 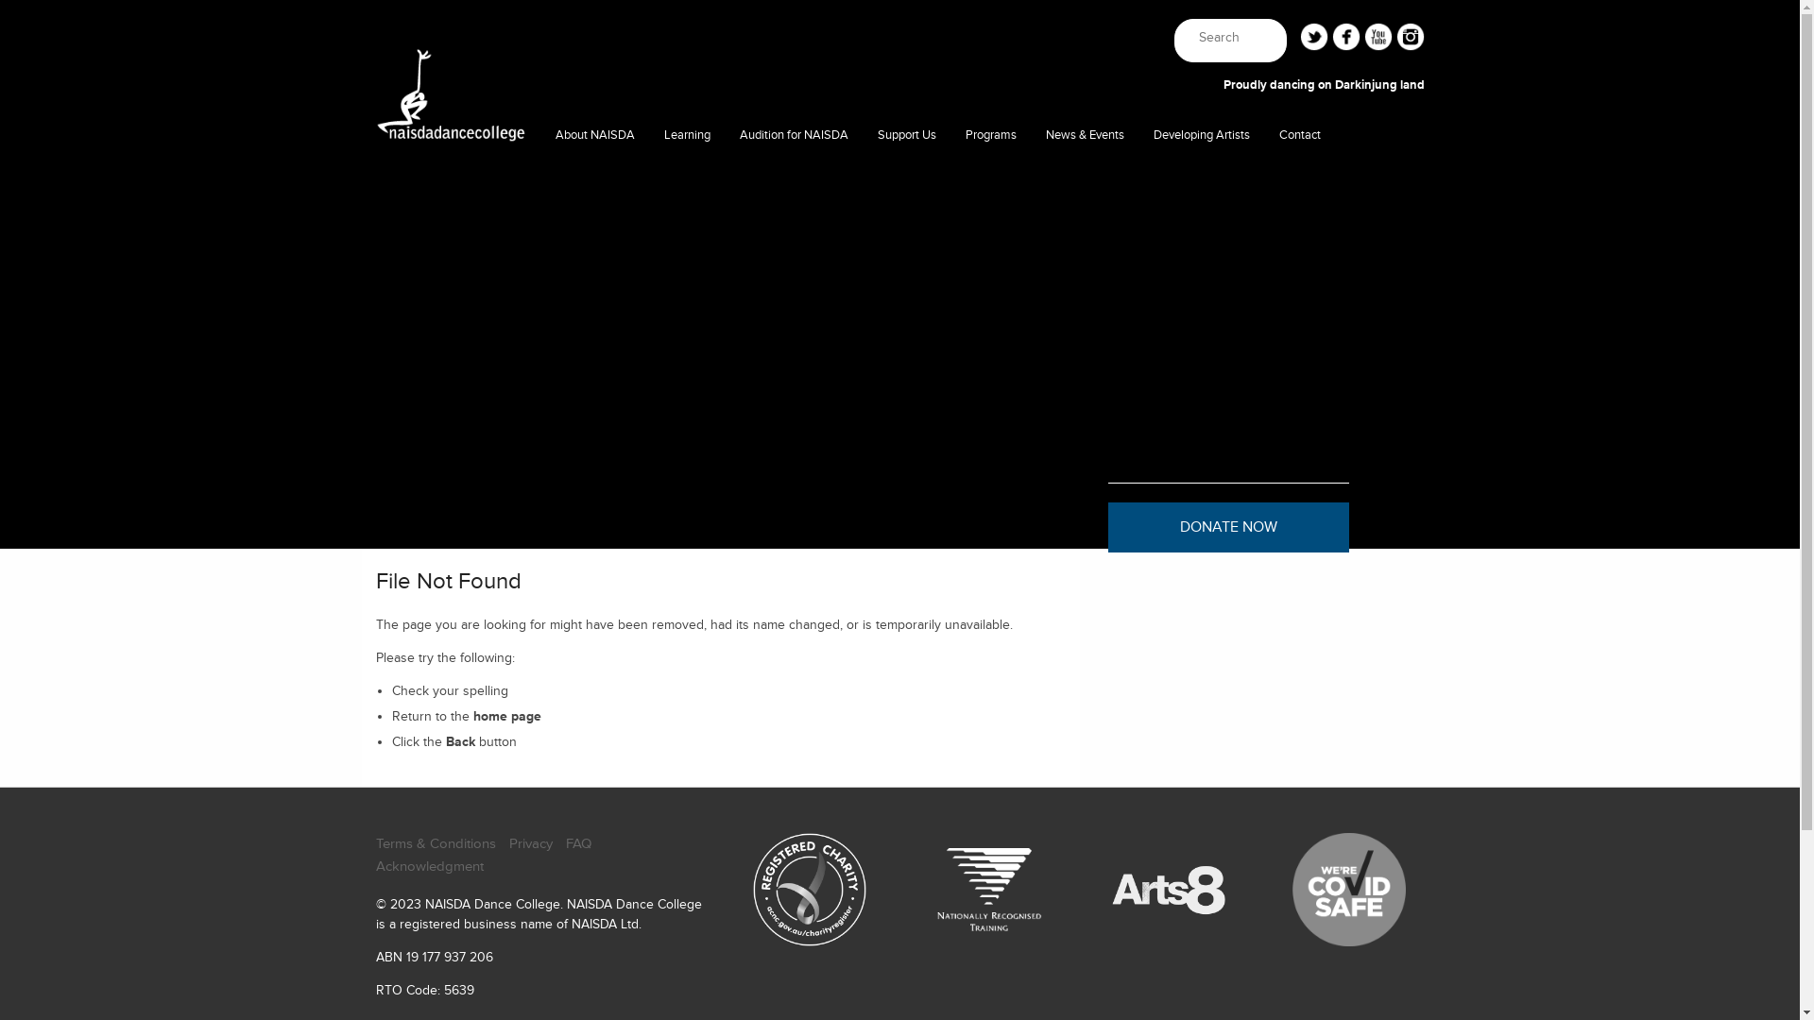 I want to click on 'Facilities', so click(x=539, y=212).